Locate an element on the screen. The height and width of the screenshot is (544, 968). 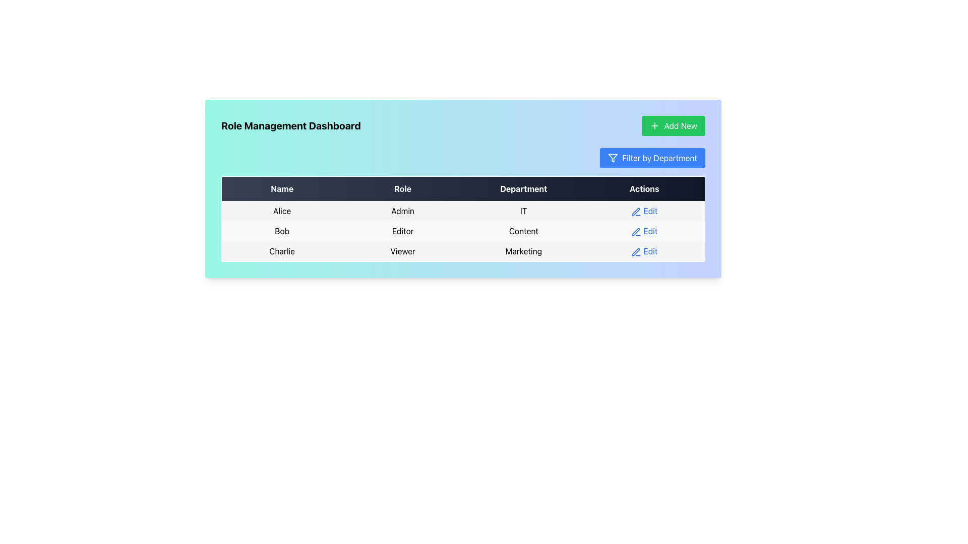
the edit icon, which resembles a minimalistic pen graphic, located in the Actions column next to the 'Edit' label for user Bob is located at coordinates (636, 232).